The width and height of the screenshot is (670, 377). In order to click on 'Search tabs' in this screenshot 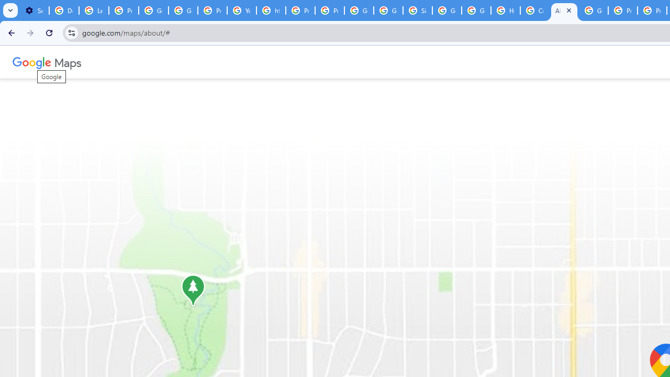, I will do `click(10, 10)`.